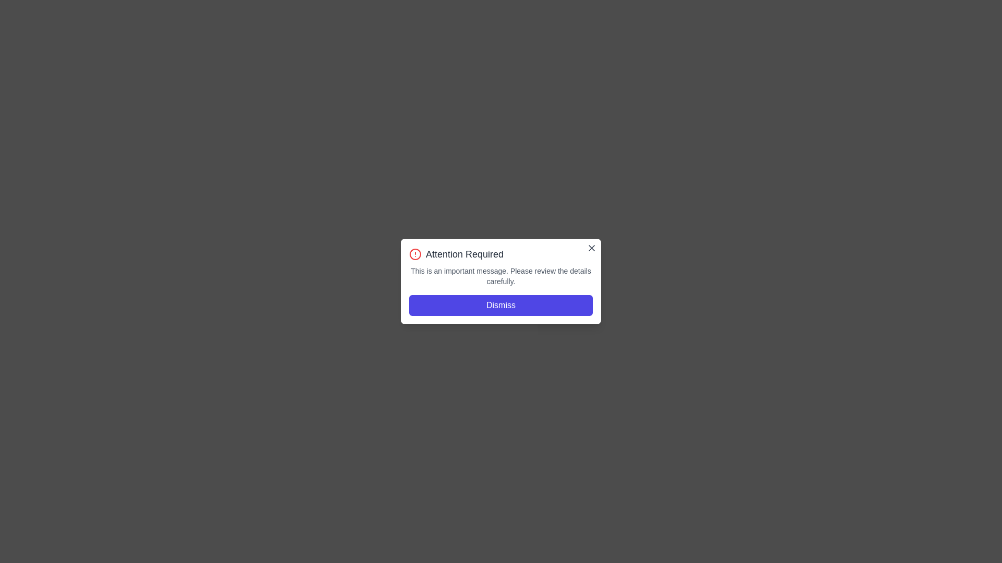 Image resolution: width=1002 pixels, height=563 pixels. What do you see at coordinates (591, 248) in the screenshot?
I see `the close icon located in the top-right corner of the 'Attention Required' dialog box, which is represented as a graphical component in an SVG` at bounding box center [591, 248].